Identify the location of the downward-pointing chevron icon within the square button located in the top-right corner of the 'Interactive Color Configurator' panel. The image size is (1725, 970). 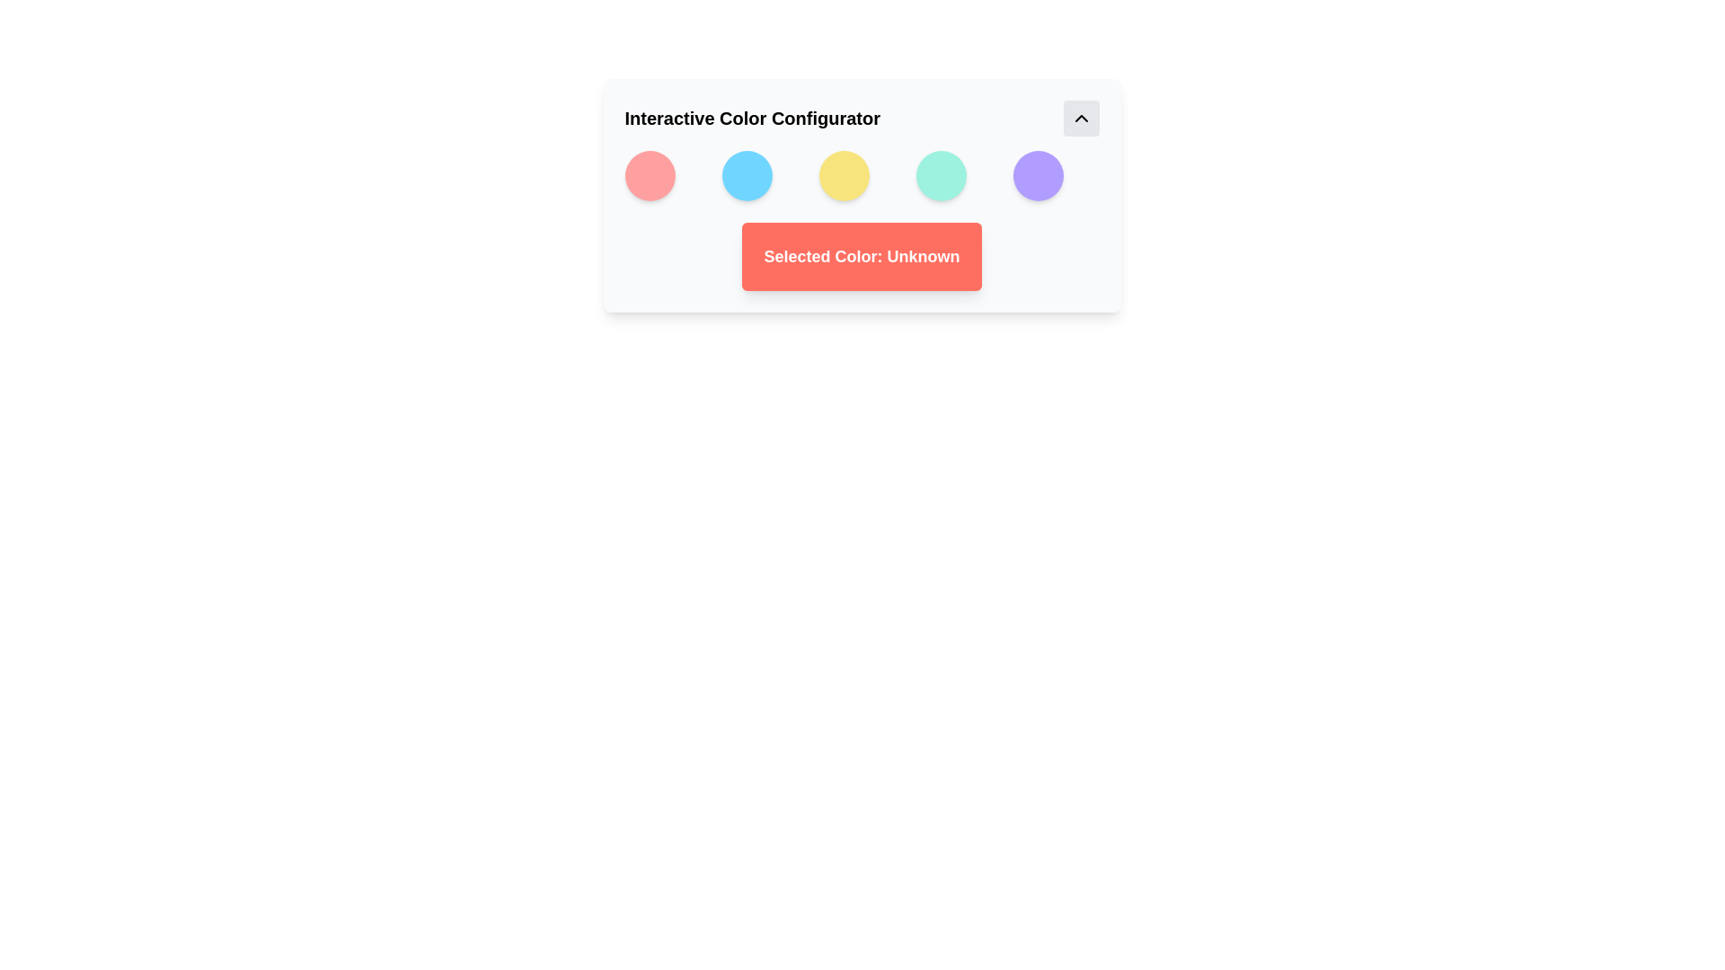
(1080, 118).